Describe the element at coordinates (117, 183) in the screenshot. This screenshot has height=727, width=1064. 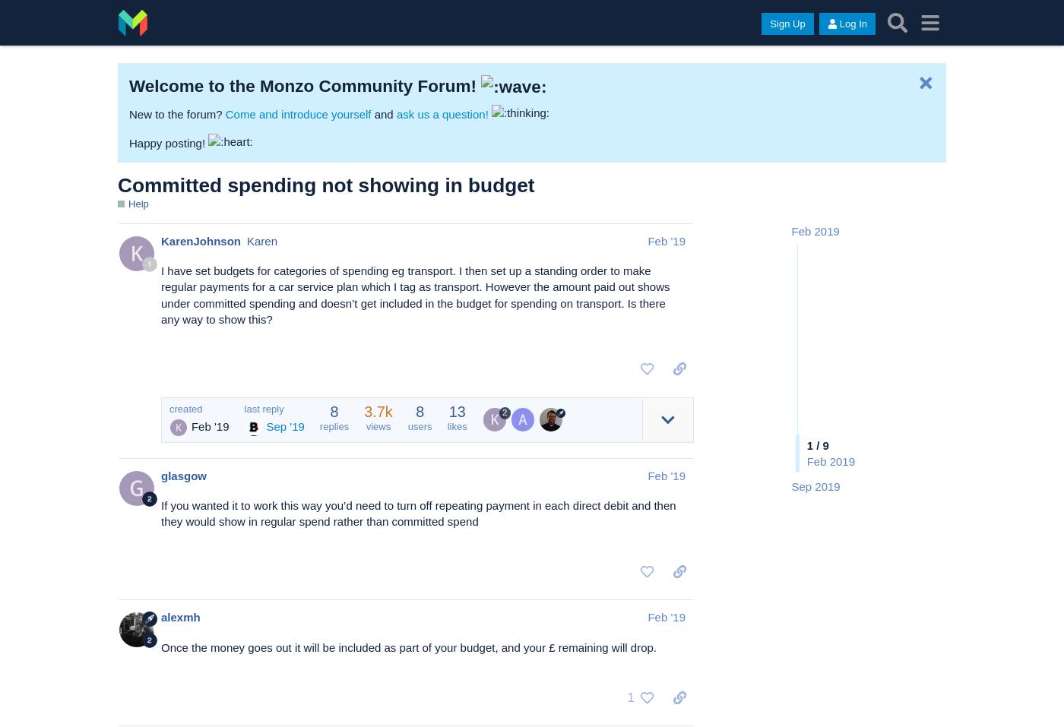
I see `'Committed spending not showing in budget'` at that location.